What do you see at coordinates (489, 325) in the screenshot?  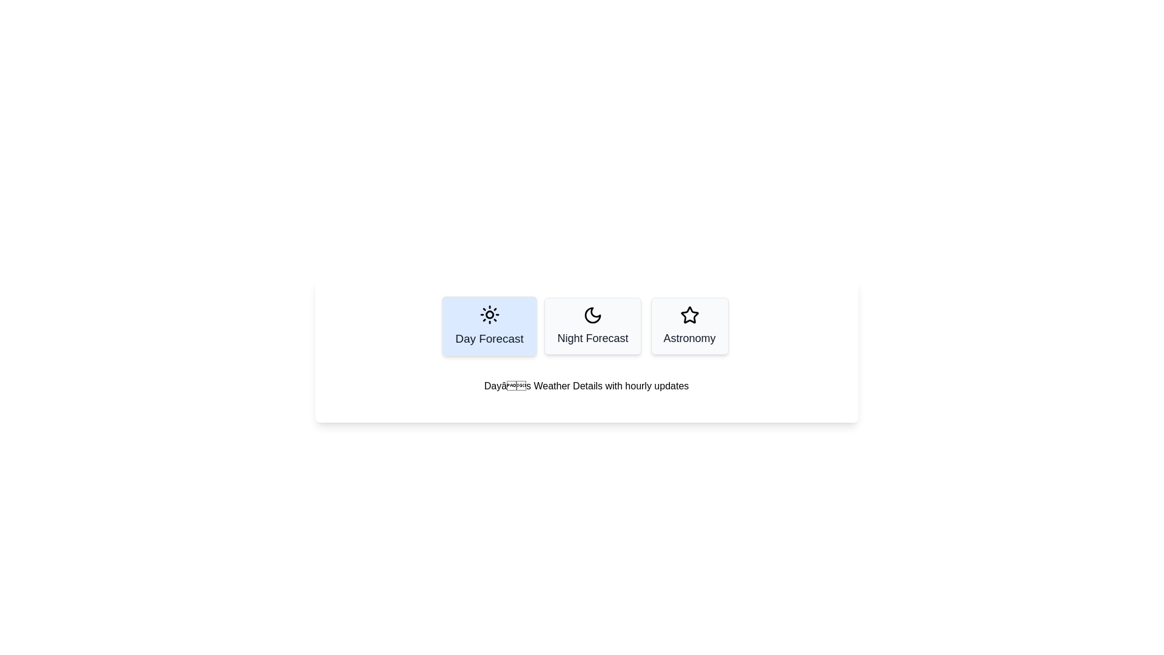 I see `the Day Forecast tab by clicking on its button` at bounding box center [489, 325].